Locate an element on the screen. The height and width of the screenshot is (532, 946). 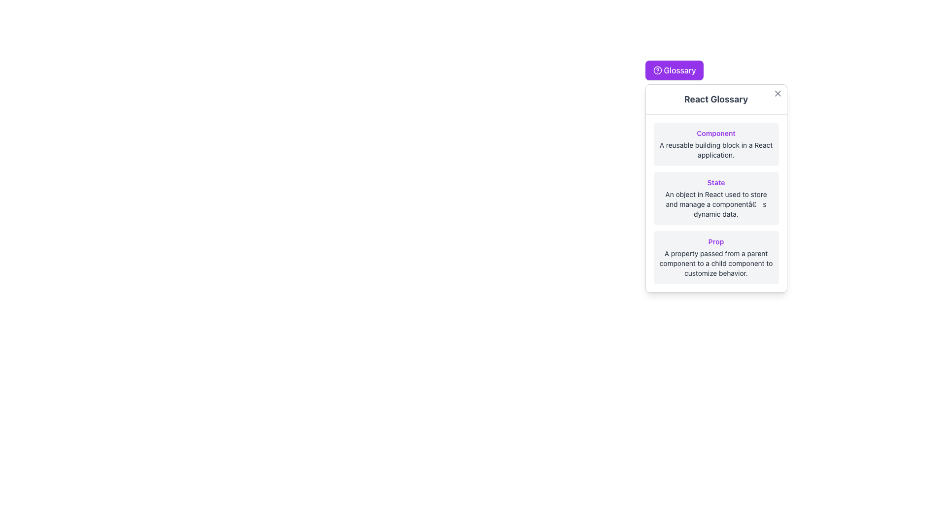
the circular icon styled as a hollow circle with a question mark inside, which is positioned to the left of the 'Glossary' text on a purple button is located at coordinates (657, 69).